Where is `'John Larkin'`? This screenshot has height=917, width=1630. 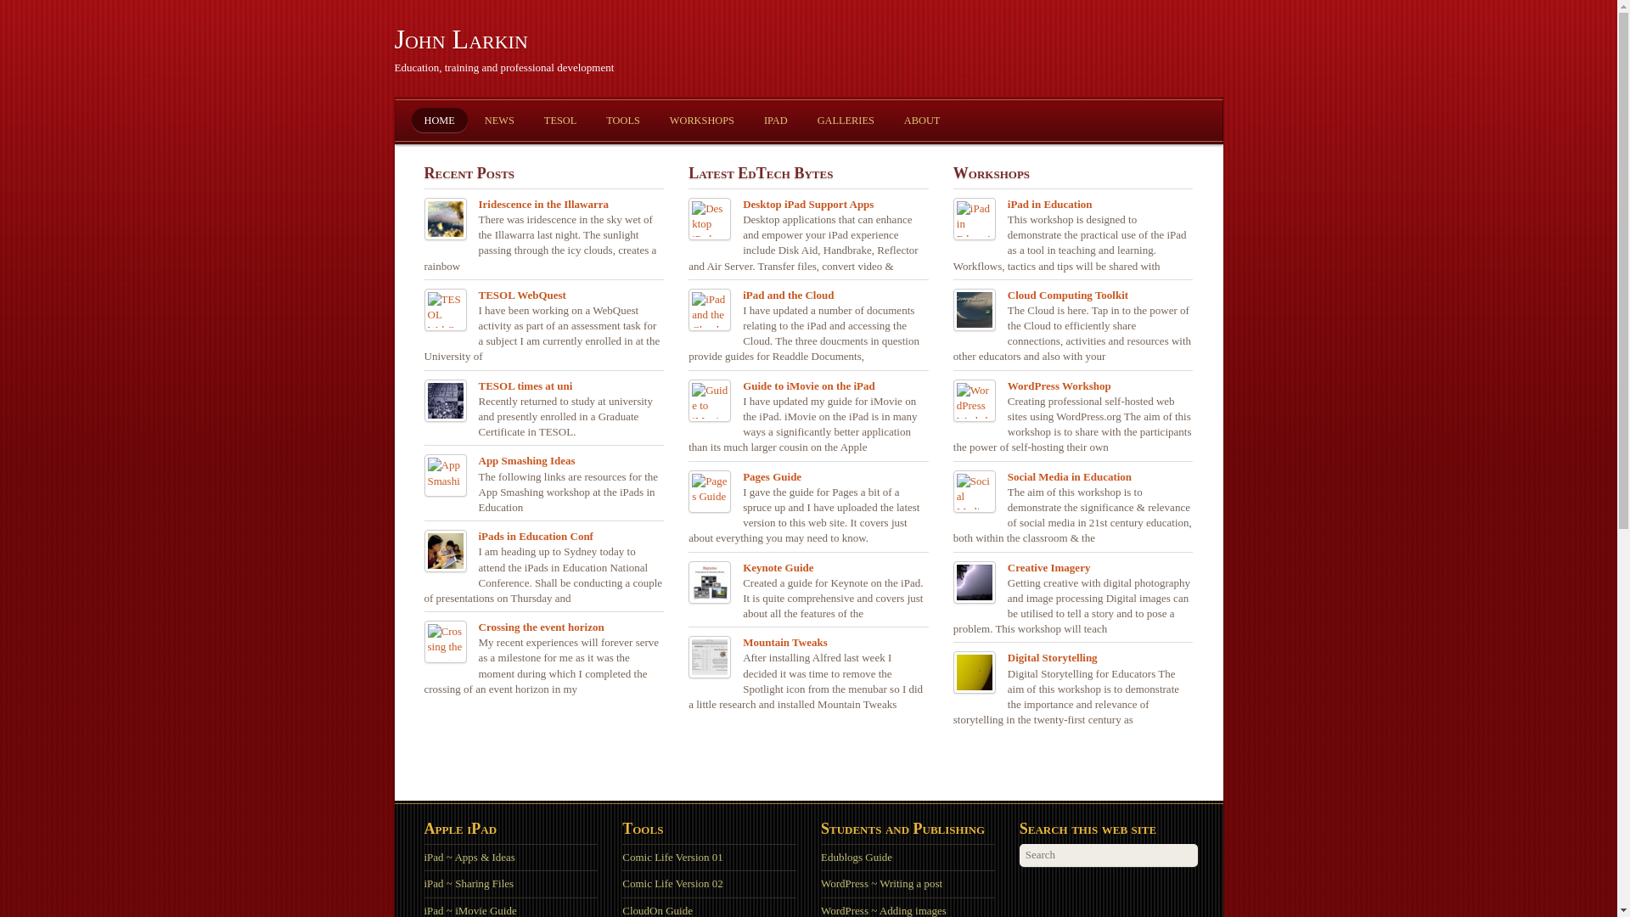 'John Larkin' is located at coordinates (460, 38).